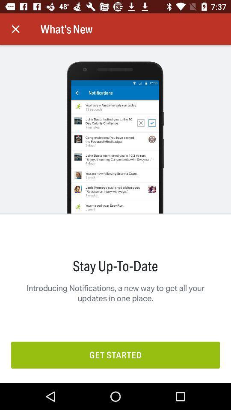  Describe the element at coordinates (115, 355) in the screenshot. I see `the get started icon` at that location.